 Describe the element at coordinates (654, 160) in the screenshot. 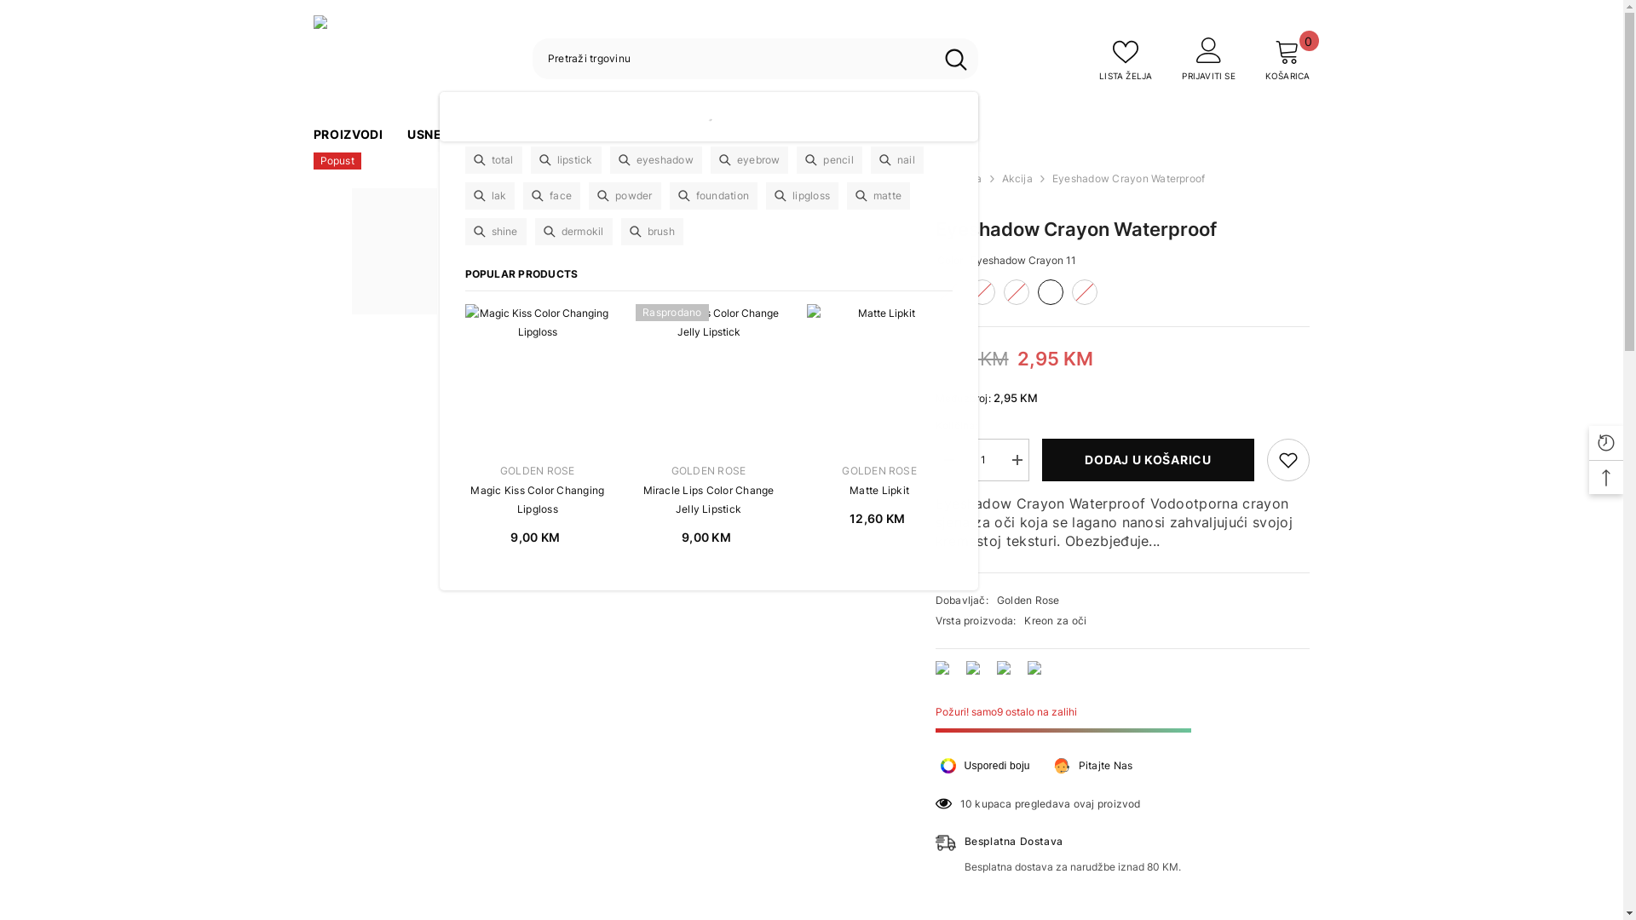

I see `'eyeshadow'` at that location.